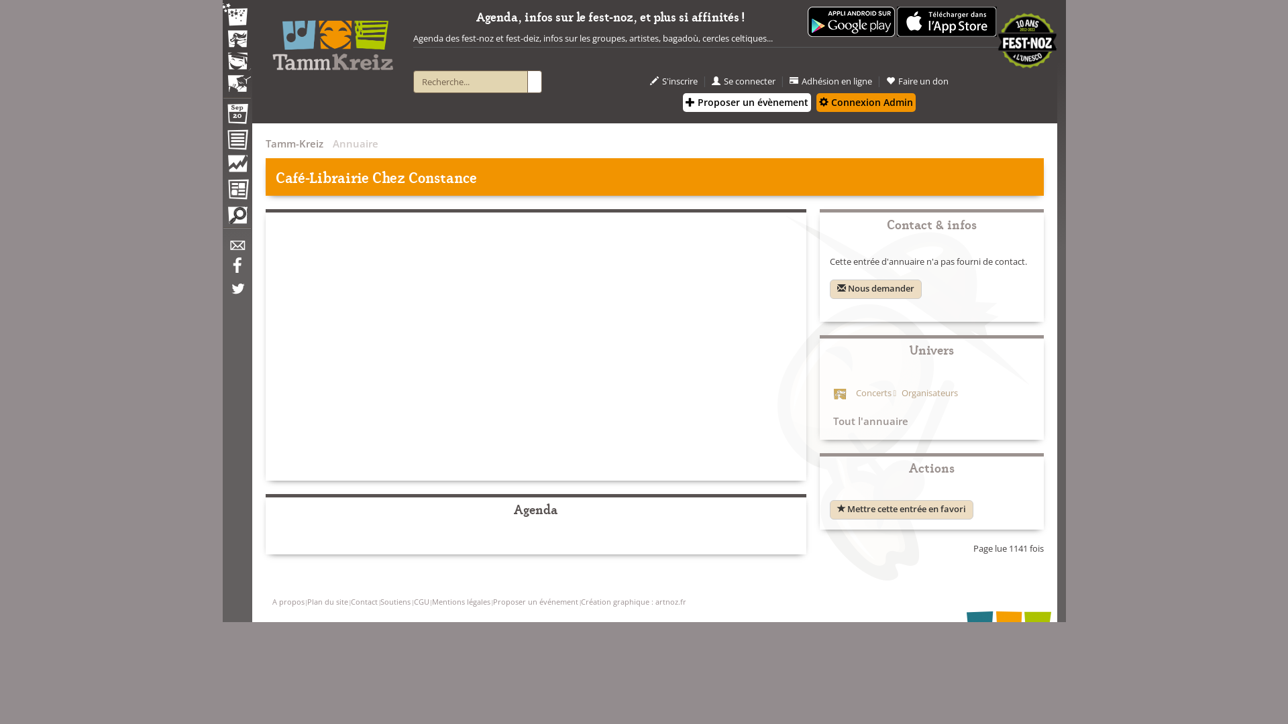  What do you see at coordinates (873, 392) in the screenshot?
I see `'Concerts'` at bounding box center [873, 392].